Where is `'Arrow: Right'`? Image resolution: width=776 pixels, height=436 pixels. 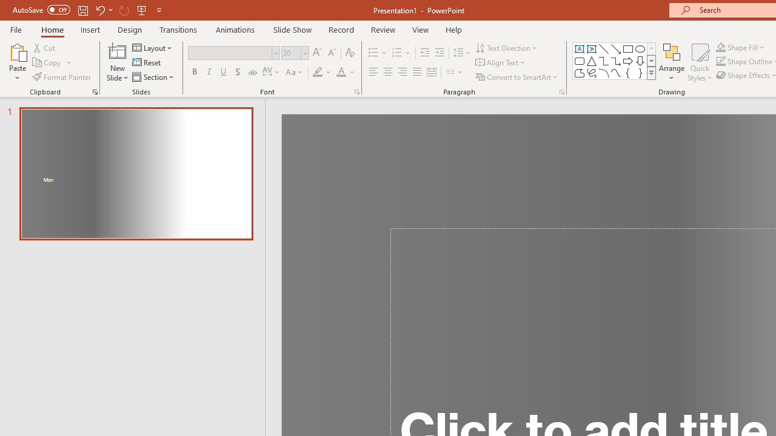
'Arrow: Right' is located at coordinates (628, 61).